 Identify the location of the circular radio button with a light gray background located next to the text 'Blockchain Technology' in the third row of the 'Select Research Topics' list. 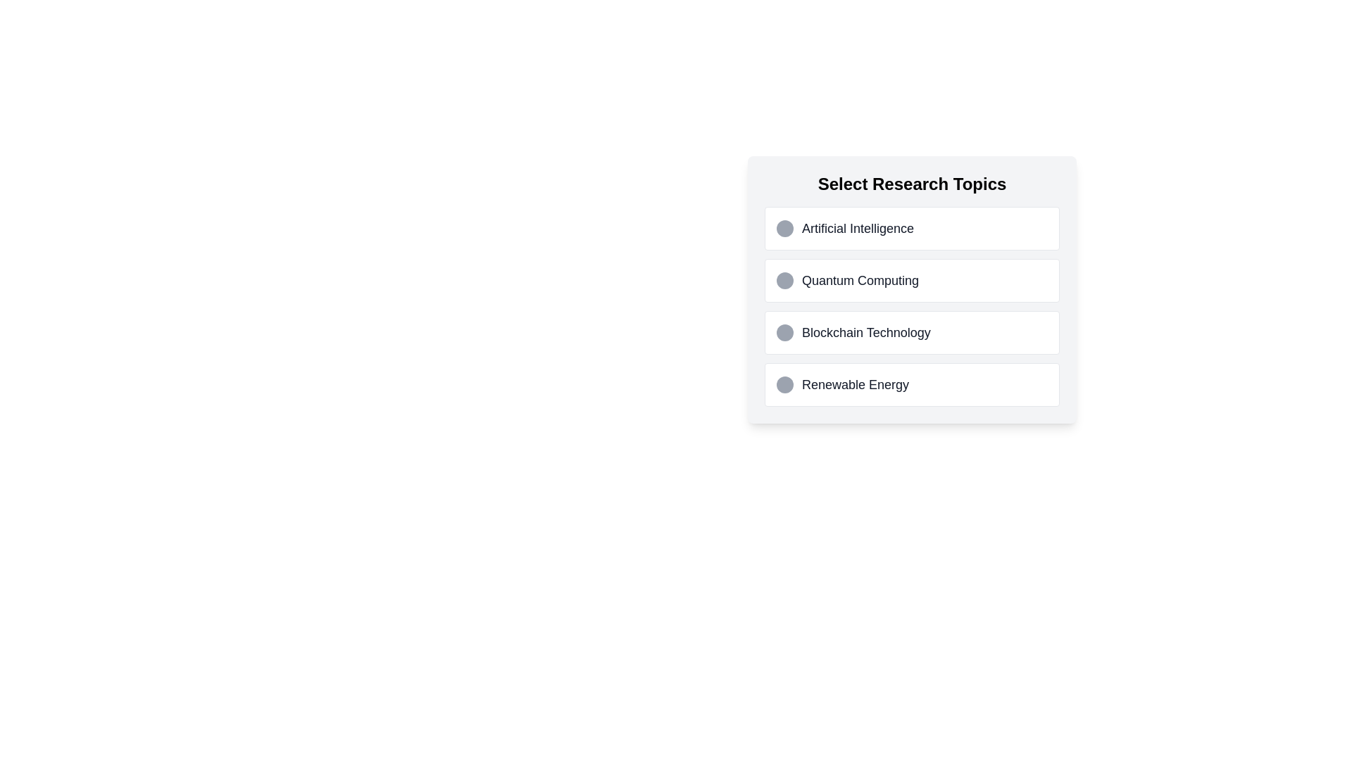
(784, 333).